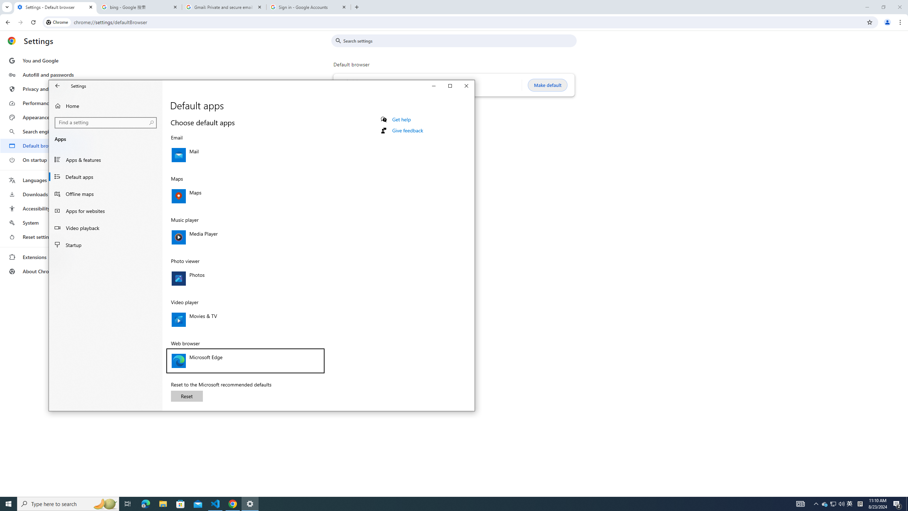 The image size is (908, 511). What do you see at coordinates (850, 503) in the screenshot?
I see `'User Promoted Notification Area'` at bounding box center [850, 503].